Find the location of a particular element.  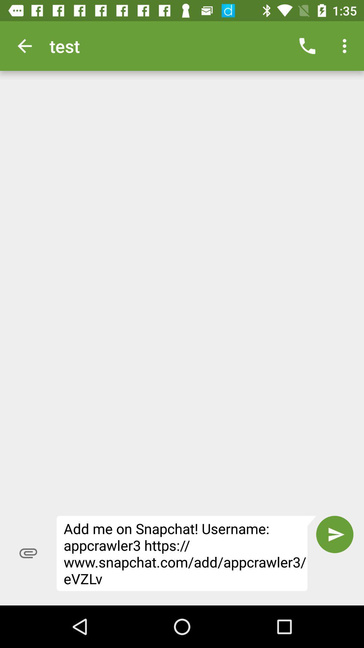

the icon to the left of test is located at coordinates (24, 46).